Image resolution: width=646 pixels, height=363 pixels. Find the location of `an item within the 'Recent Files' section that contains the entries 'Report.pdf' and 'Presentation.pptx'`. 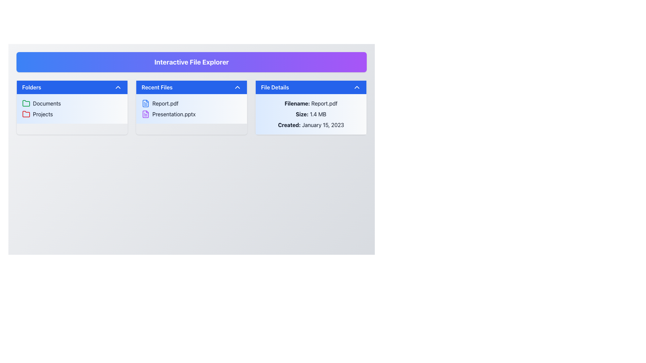

an item within the 'Recent Files' section that contains the entries 'Report.pdf' and 'Presentation.pptx' is located at coordinates (191, 107).